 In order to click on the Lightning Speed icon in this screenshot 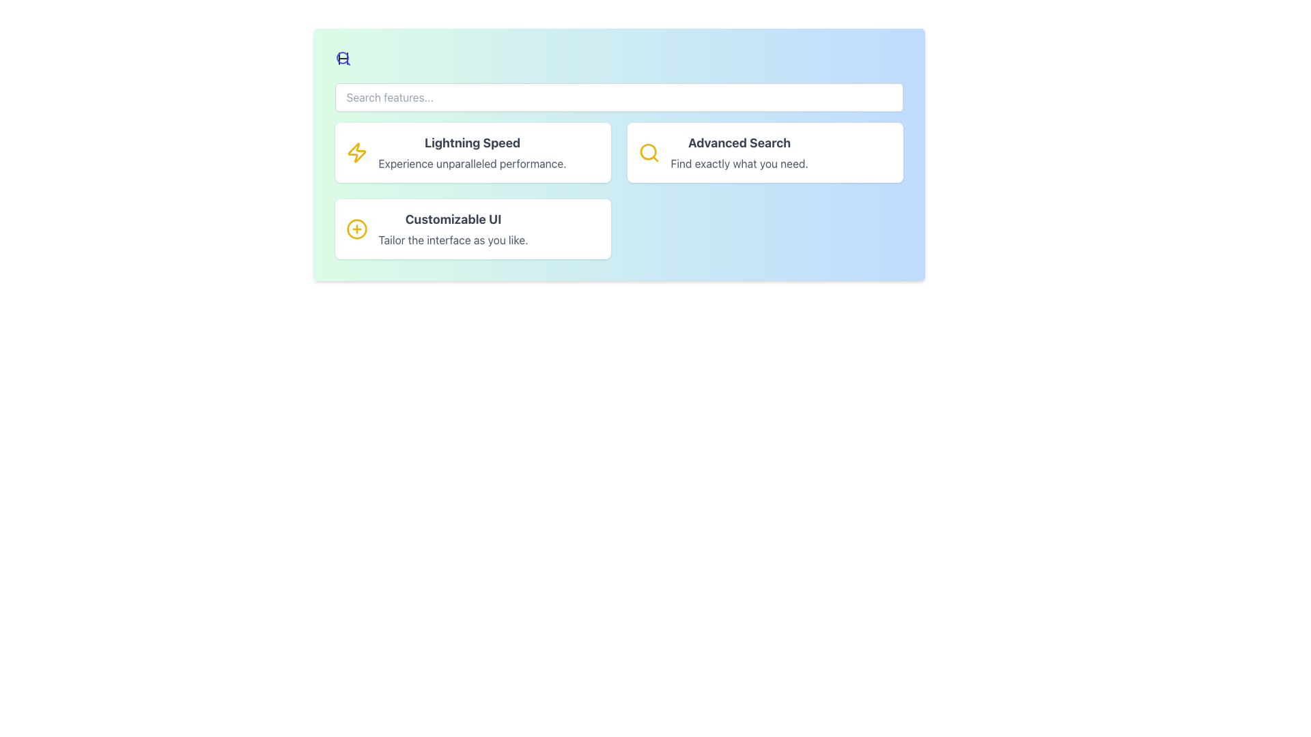, I will do `click(356, 152)`.